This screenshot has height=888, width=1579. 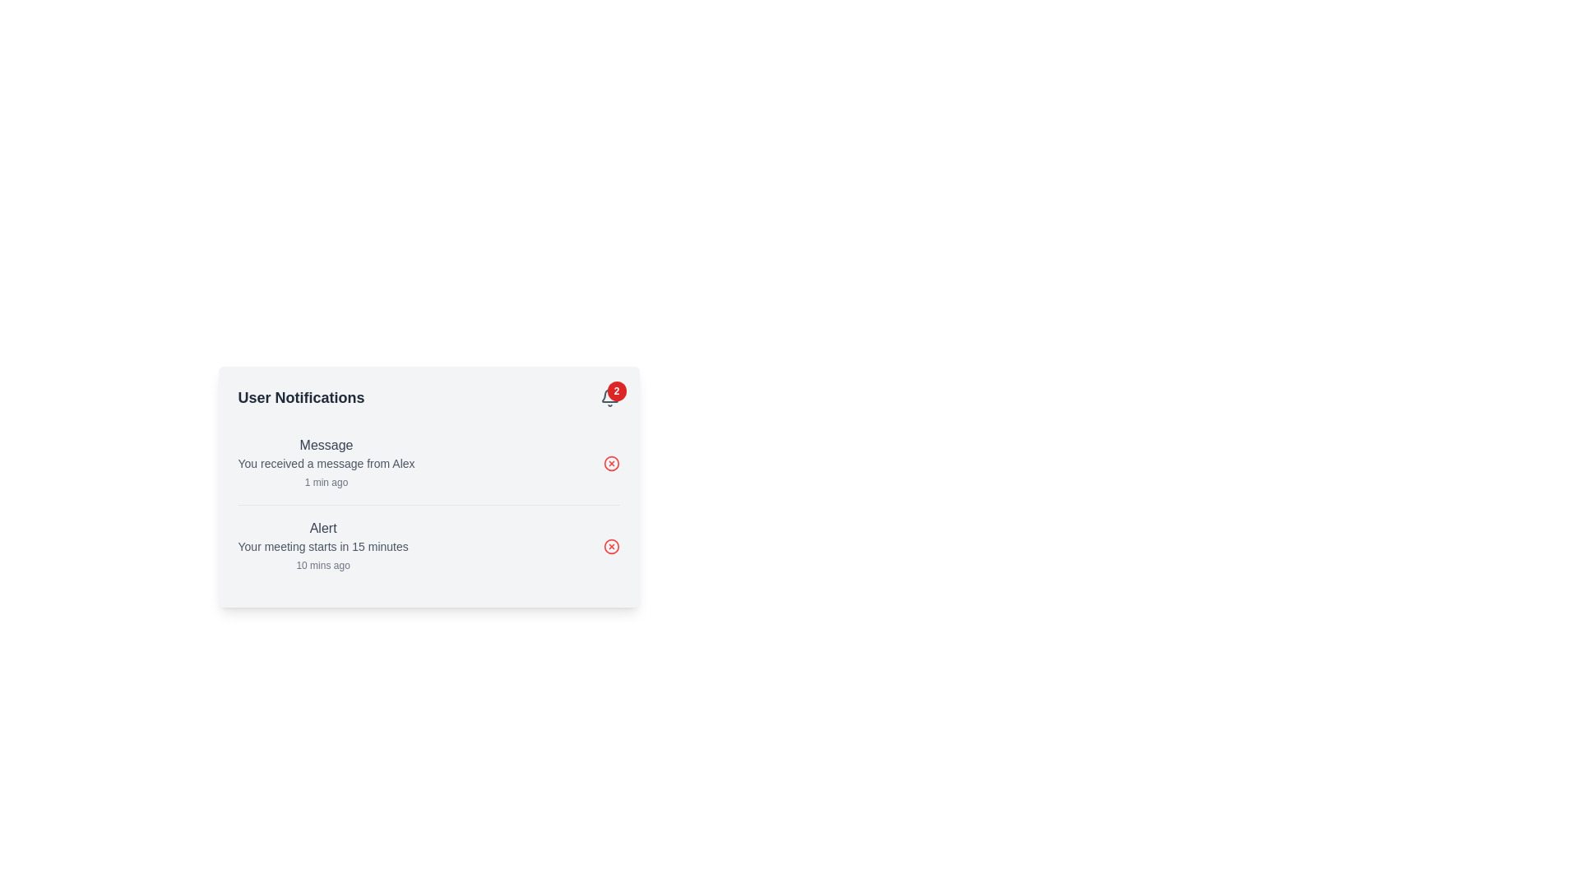 What do you see at coordinates (609, 395) in the screenshot?
I see `the bell icon indicating notifications, located in the top-right corner of the notification panel` at bounding box center [609, 395].